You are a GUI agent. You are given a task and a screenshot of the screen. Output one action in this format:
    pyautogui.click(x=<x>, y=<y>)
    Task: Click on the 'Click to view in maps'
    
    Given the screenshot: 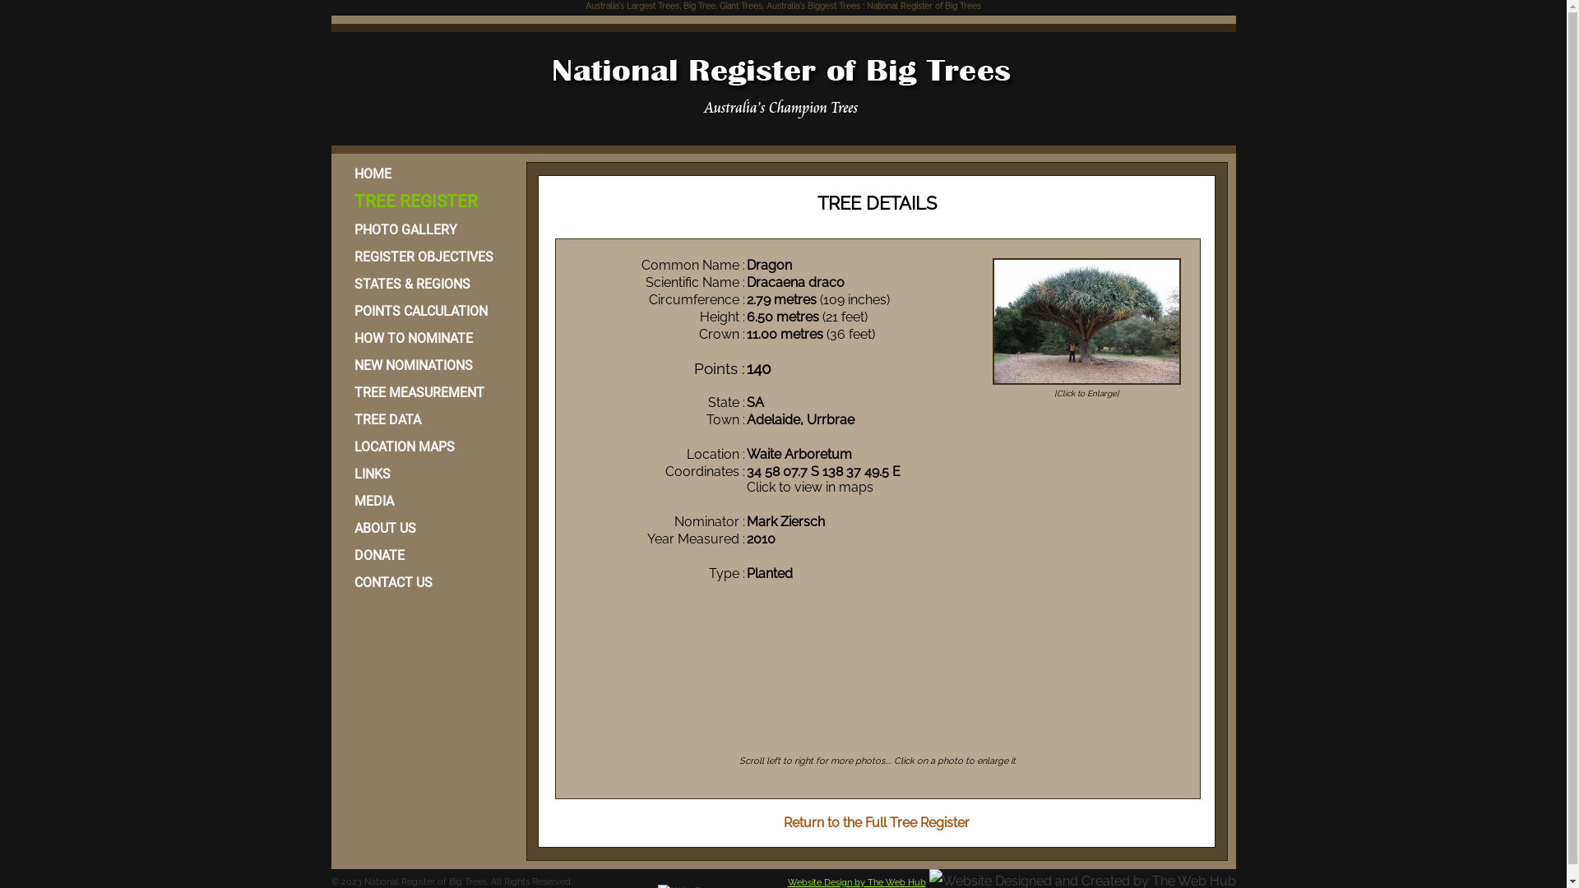 What is the action you would take?
    pyautogui.click(x=809, y=486)
    